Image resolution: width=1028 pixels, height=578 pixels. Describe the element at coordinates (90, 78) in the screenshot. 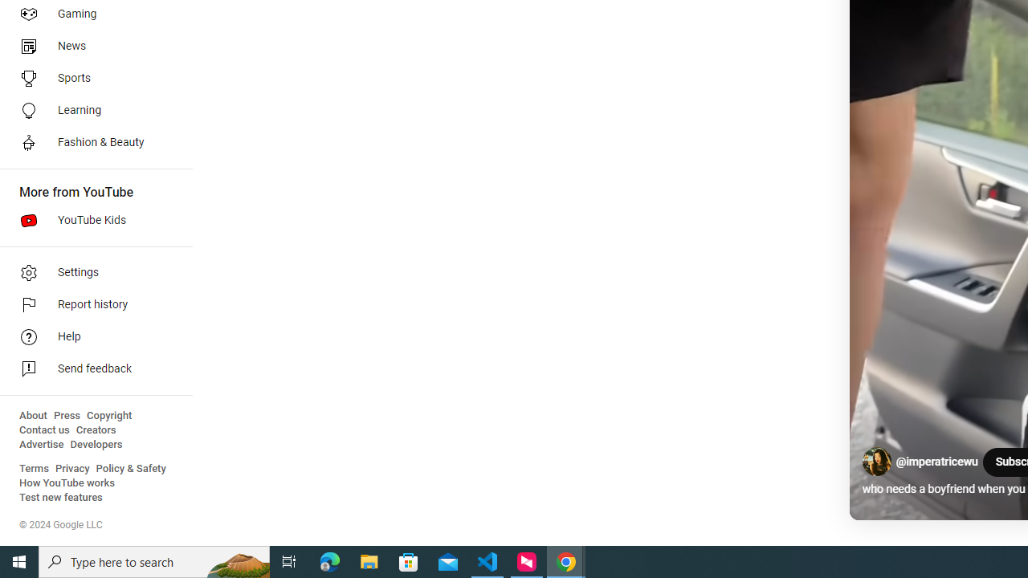

I see `'Sports'` at that location.